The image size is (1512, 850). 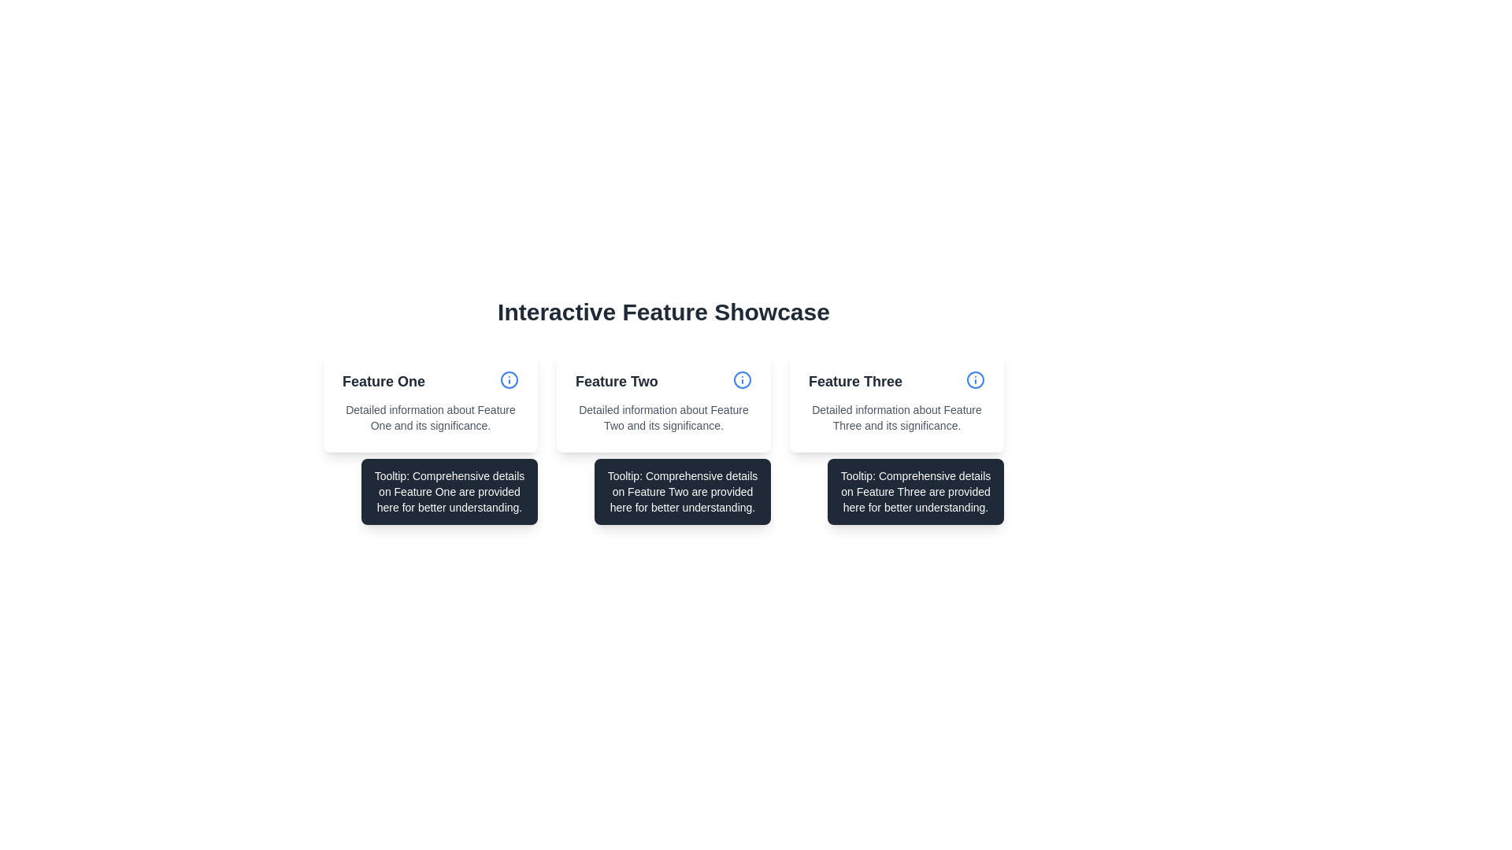 What do you see at coordinates (664, 417) in the screenshot?
I see `the informational text element that describes 'Feature Two', located in the center panel under the heading 'Feature Two', positioned above a tooltip box` at bounding box center [664, 417].